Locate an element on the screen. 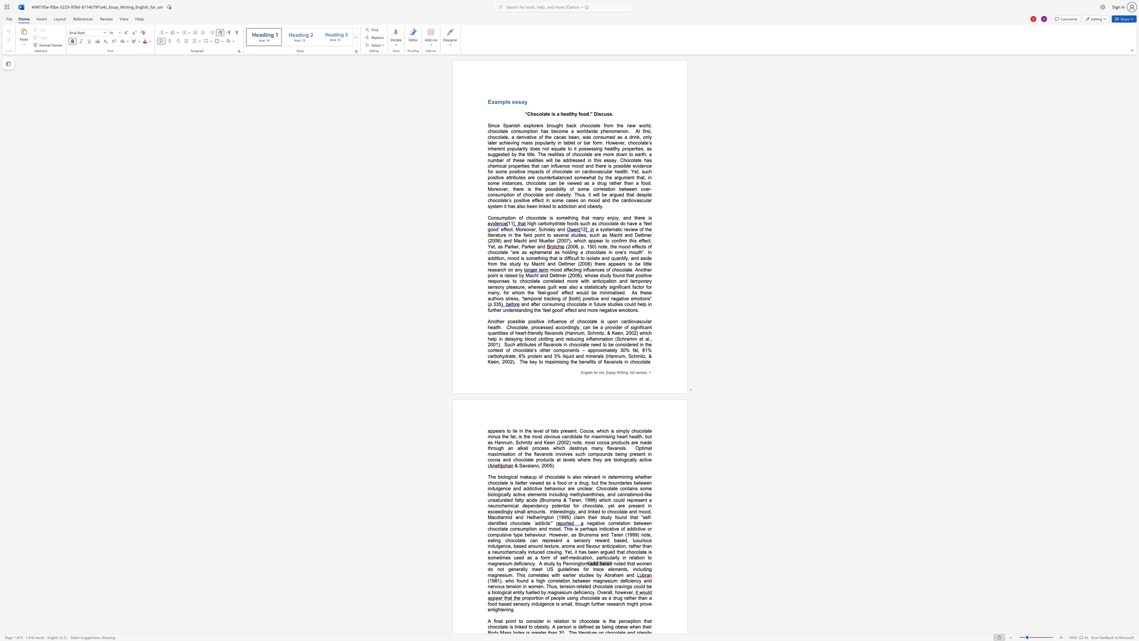  the subset text "f chocolate’s other components – approximately 30% fat, 61% carbohydrate, 6% protein and 3% liquid and minerals (Hann" within the text "Such attributes of flavanols in chocolate need to be considered in the context of chocolate’s other components – approximately 30% fat, 61% carbohydrate, 6% protein and 3% liquid and minerals (Hannum, Sch" is located at coordinates (508, 350).